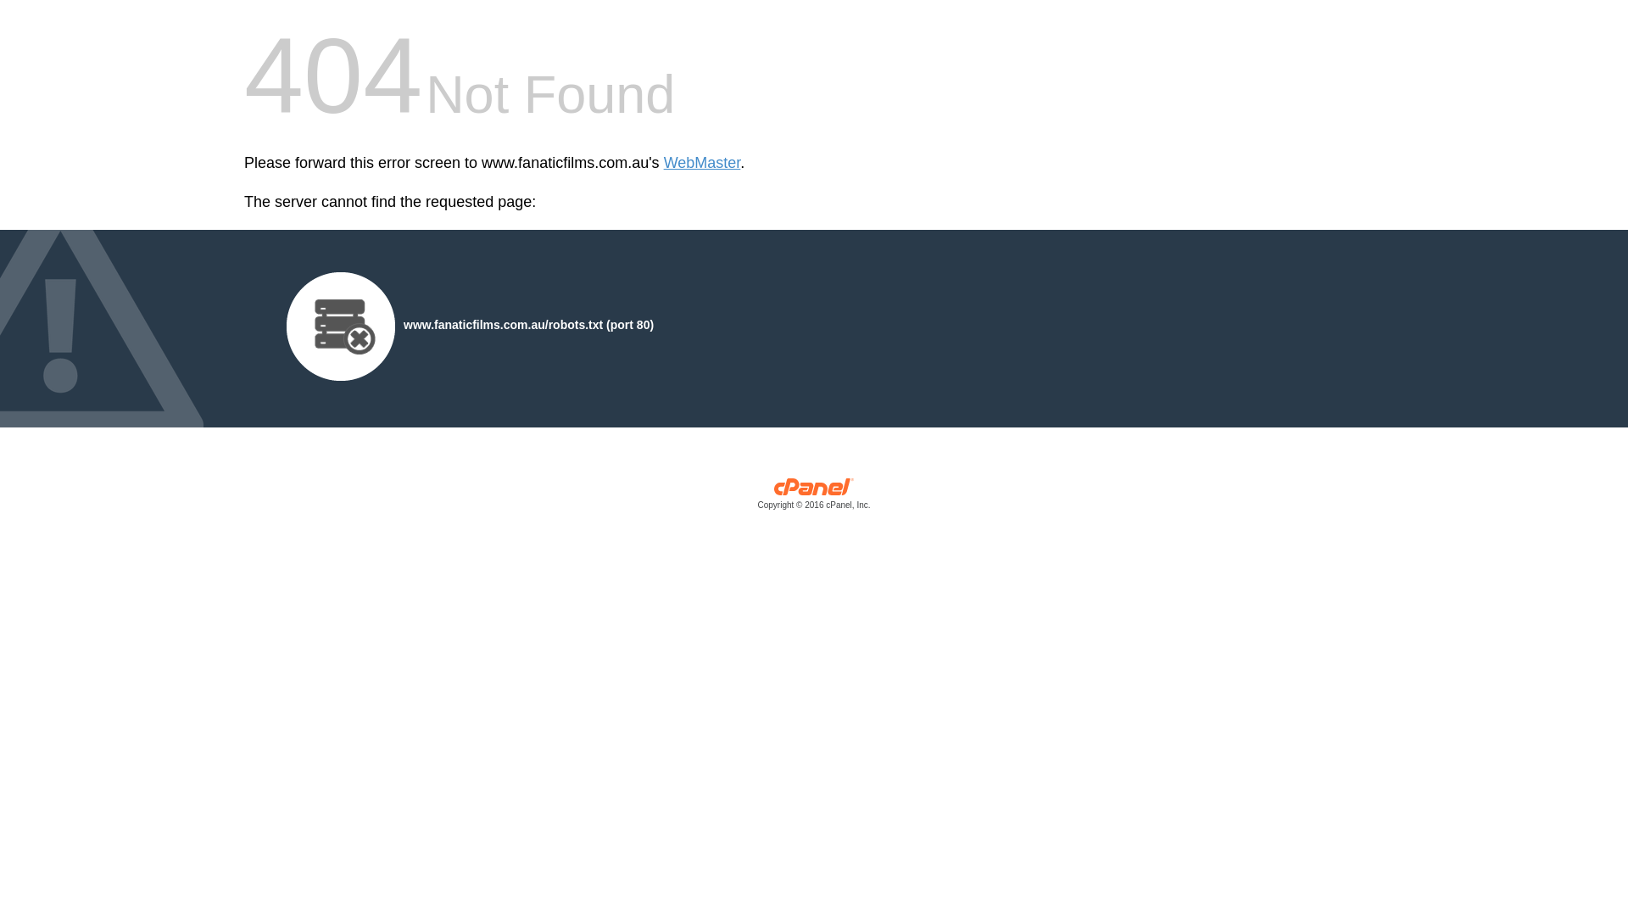  Describe the element at coordinates (662, 163) in the screenshot. I see `'WebMaster'` at that location.